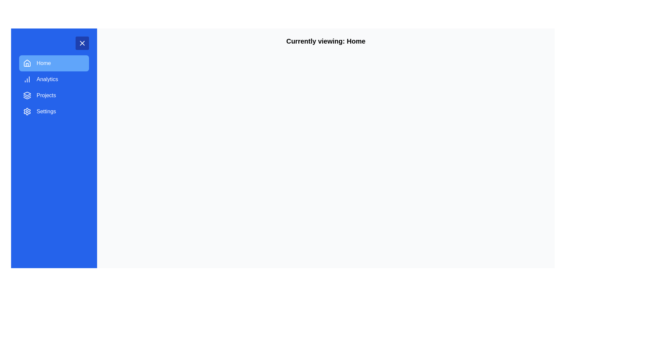 This screenshot has width=645, height=362. Describe the element at coordinates (27, 96) in the screenshot. I see `the middle layer of the polygonal icon with a blue fill and white outline located in the menu sidebar next to the 'Projects' label` at that location.